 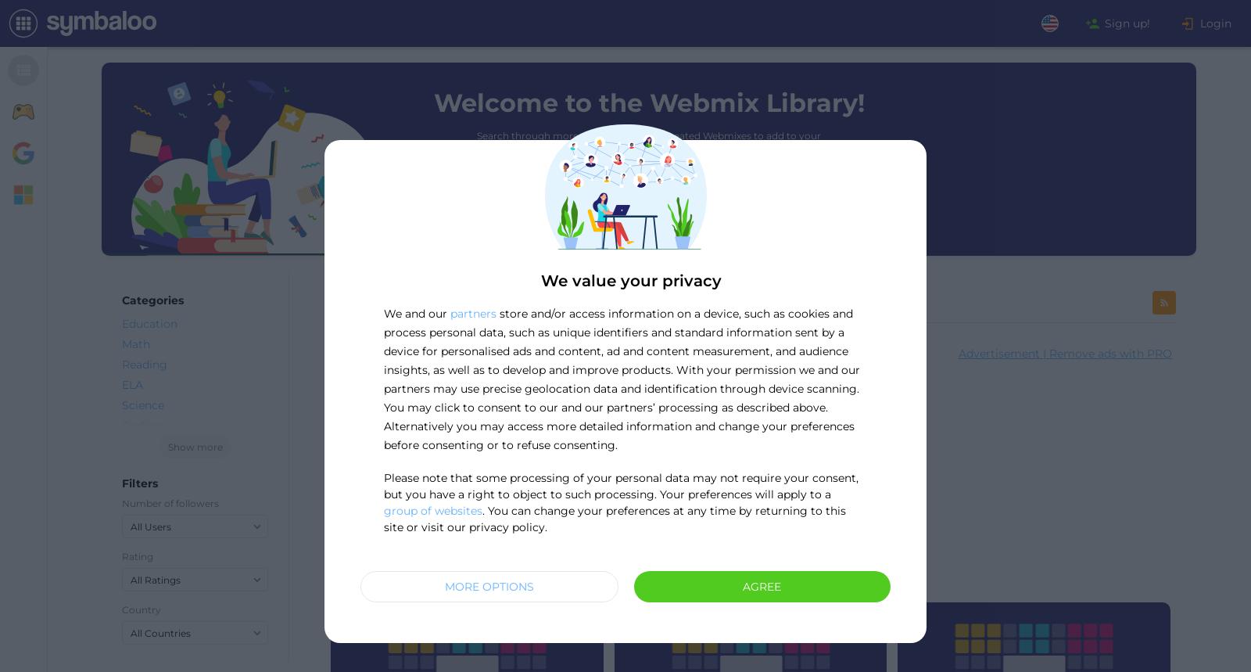 I want to click on 'Search through more than 50,000 user-created Webmixes to add to your account. You can get all updates from the original creator or you can claim the Webmix as your own!', so click(x=647, y=151).